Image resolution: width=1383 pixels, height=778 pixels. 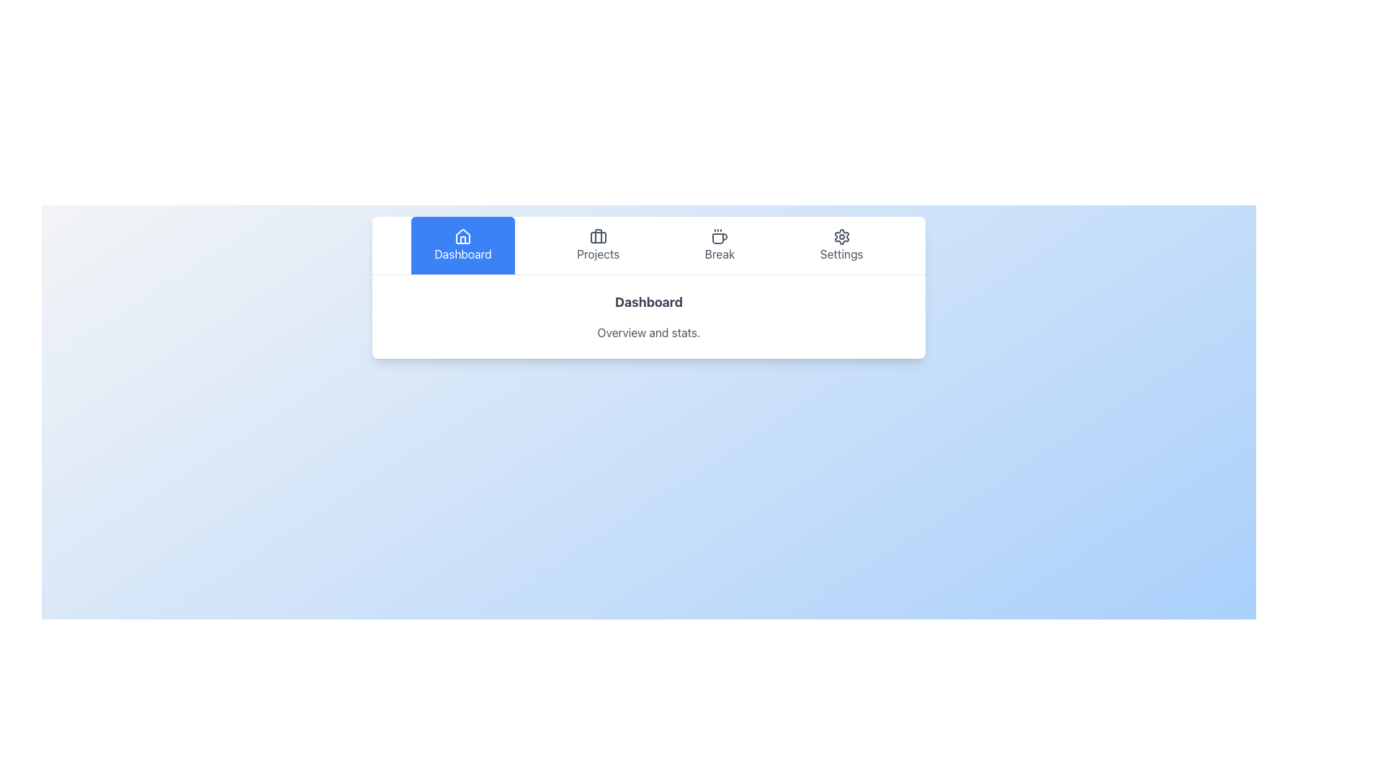 I want to click on the 'Break' button, which features a coffee mug icon with steam and a gray text label below it, so click(x=720, y=244).